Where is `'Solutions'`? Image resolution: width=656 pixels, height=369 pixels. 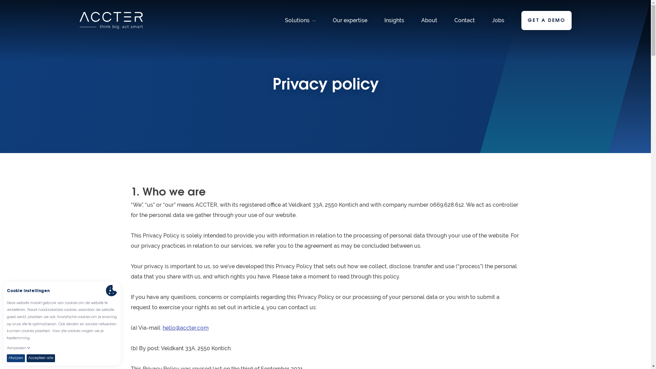 'Solutions' is located at coordinates (300, 20).